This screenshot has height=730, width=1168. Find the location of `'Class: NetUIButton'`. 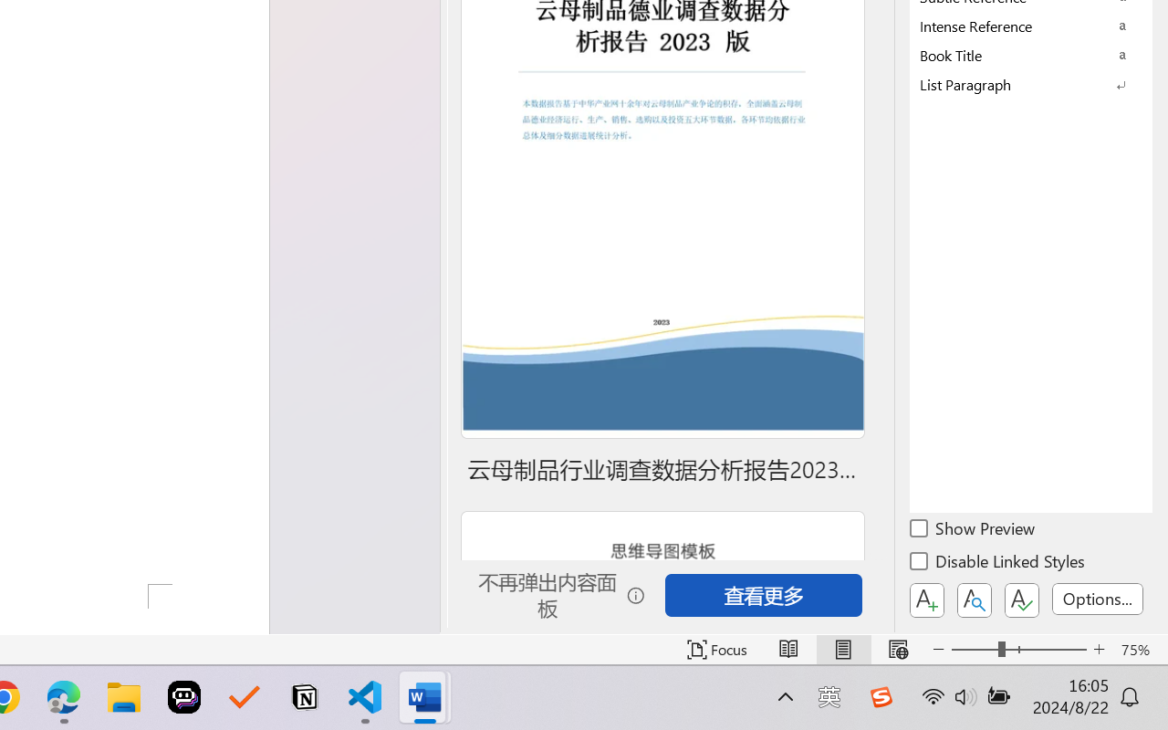

'Class: NetUIButton' is located at coordinates (1022, 600).